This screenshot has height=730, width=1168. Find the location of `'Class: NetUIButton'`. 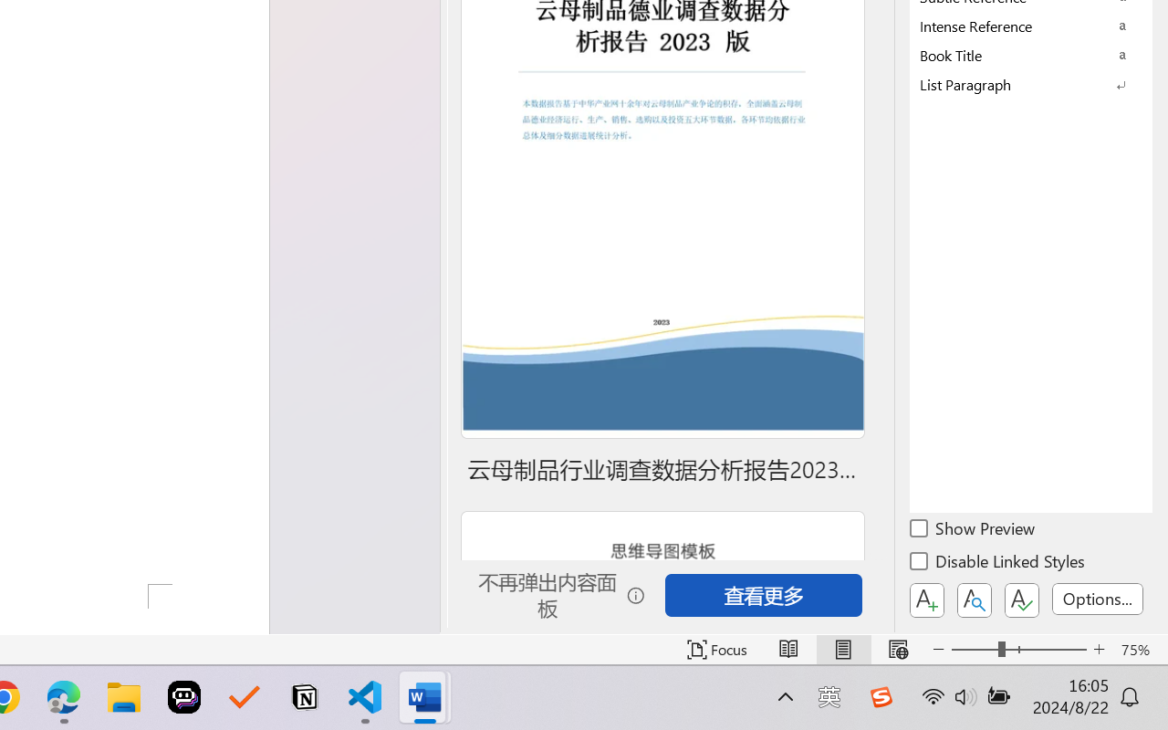

'Class: NetUIButton' is located at coordinates (1022, 600).